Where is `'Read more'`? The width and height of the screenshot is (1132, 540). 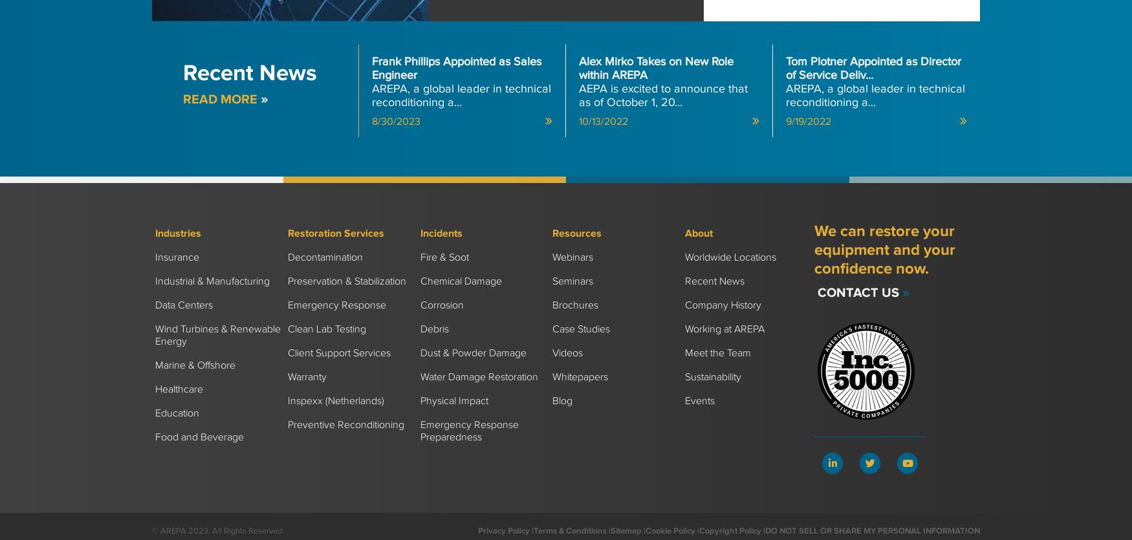
'Read more' is located at coordinates (222, 98).